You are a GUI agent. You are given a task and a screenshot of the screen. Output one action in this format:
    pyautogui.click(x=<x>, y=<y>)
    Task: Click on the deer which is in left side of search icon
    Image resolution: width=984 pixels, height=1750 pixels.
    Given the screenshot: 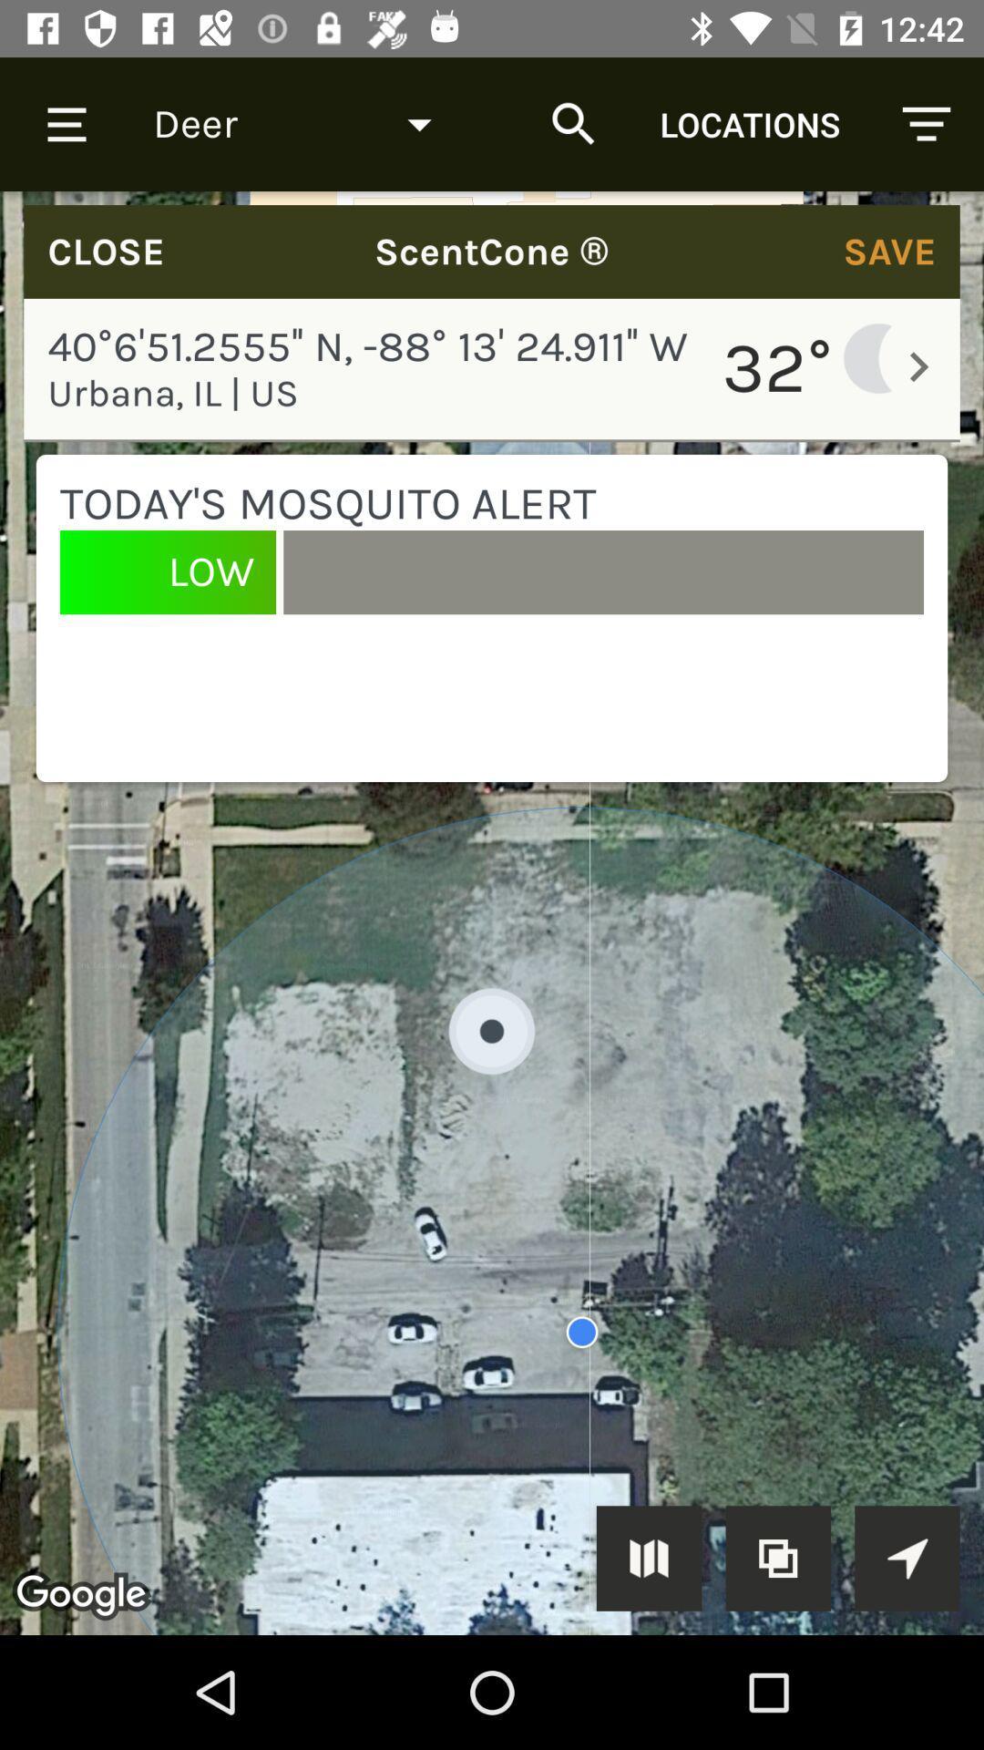 What is the action you would take?
    pyautogui.click(x=304, y=123)
    